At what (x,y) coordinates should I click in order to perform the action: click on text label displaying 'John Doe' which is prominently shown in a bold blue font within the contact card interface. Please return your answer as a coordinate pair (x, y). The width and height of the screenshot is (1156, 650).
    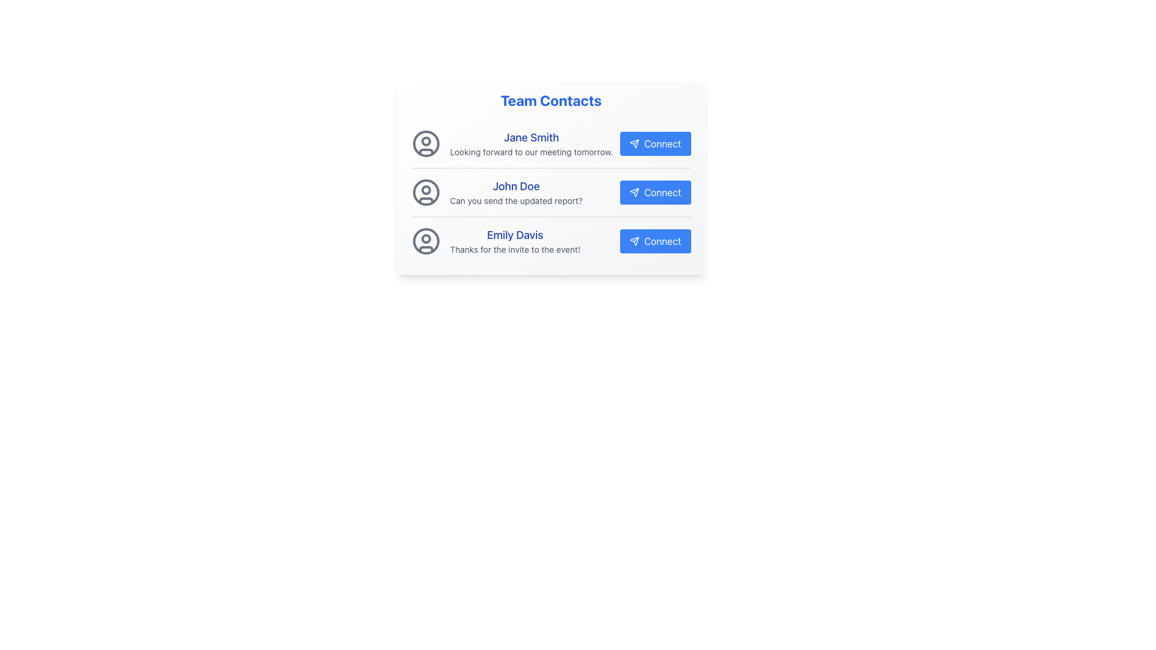
    Looking at the image, I should click on (516, 186).